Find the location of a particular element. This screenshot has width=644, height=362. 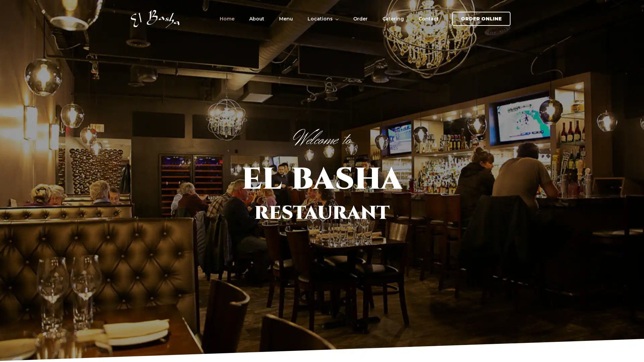

ORDER ONLINE is located at coordinates (481, 18).